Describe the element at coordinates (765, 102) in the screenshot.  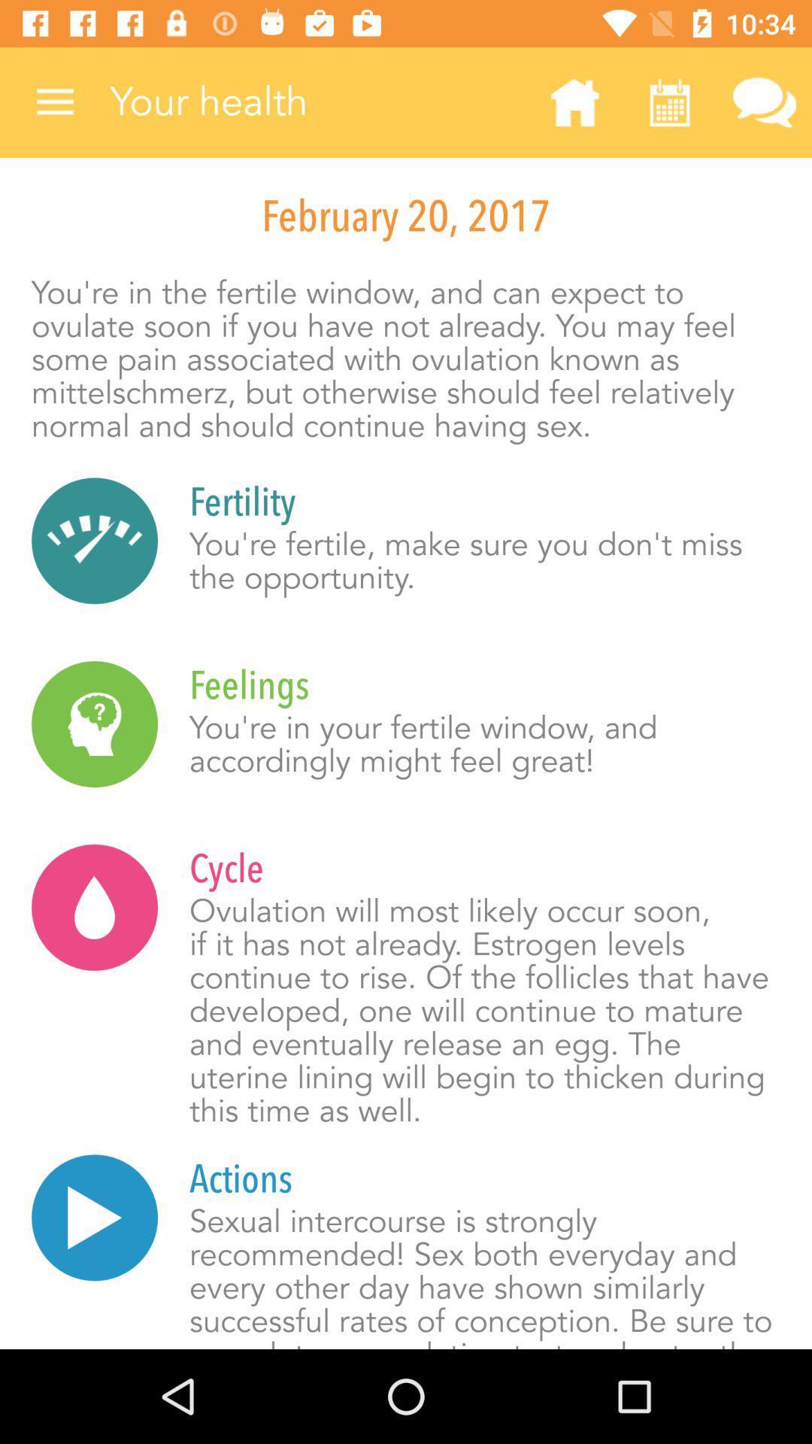
I see `icon above february 20, 2017 icon` at that location.